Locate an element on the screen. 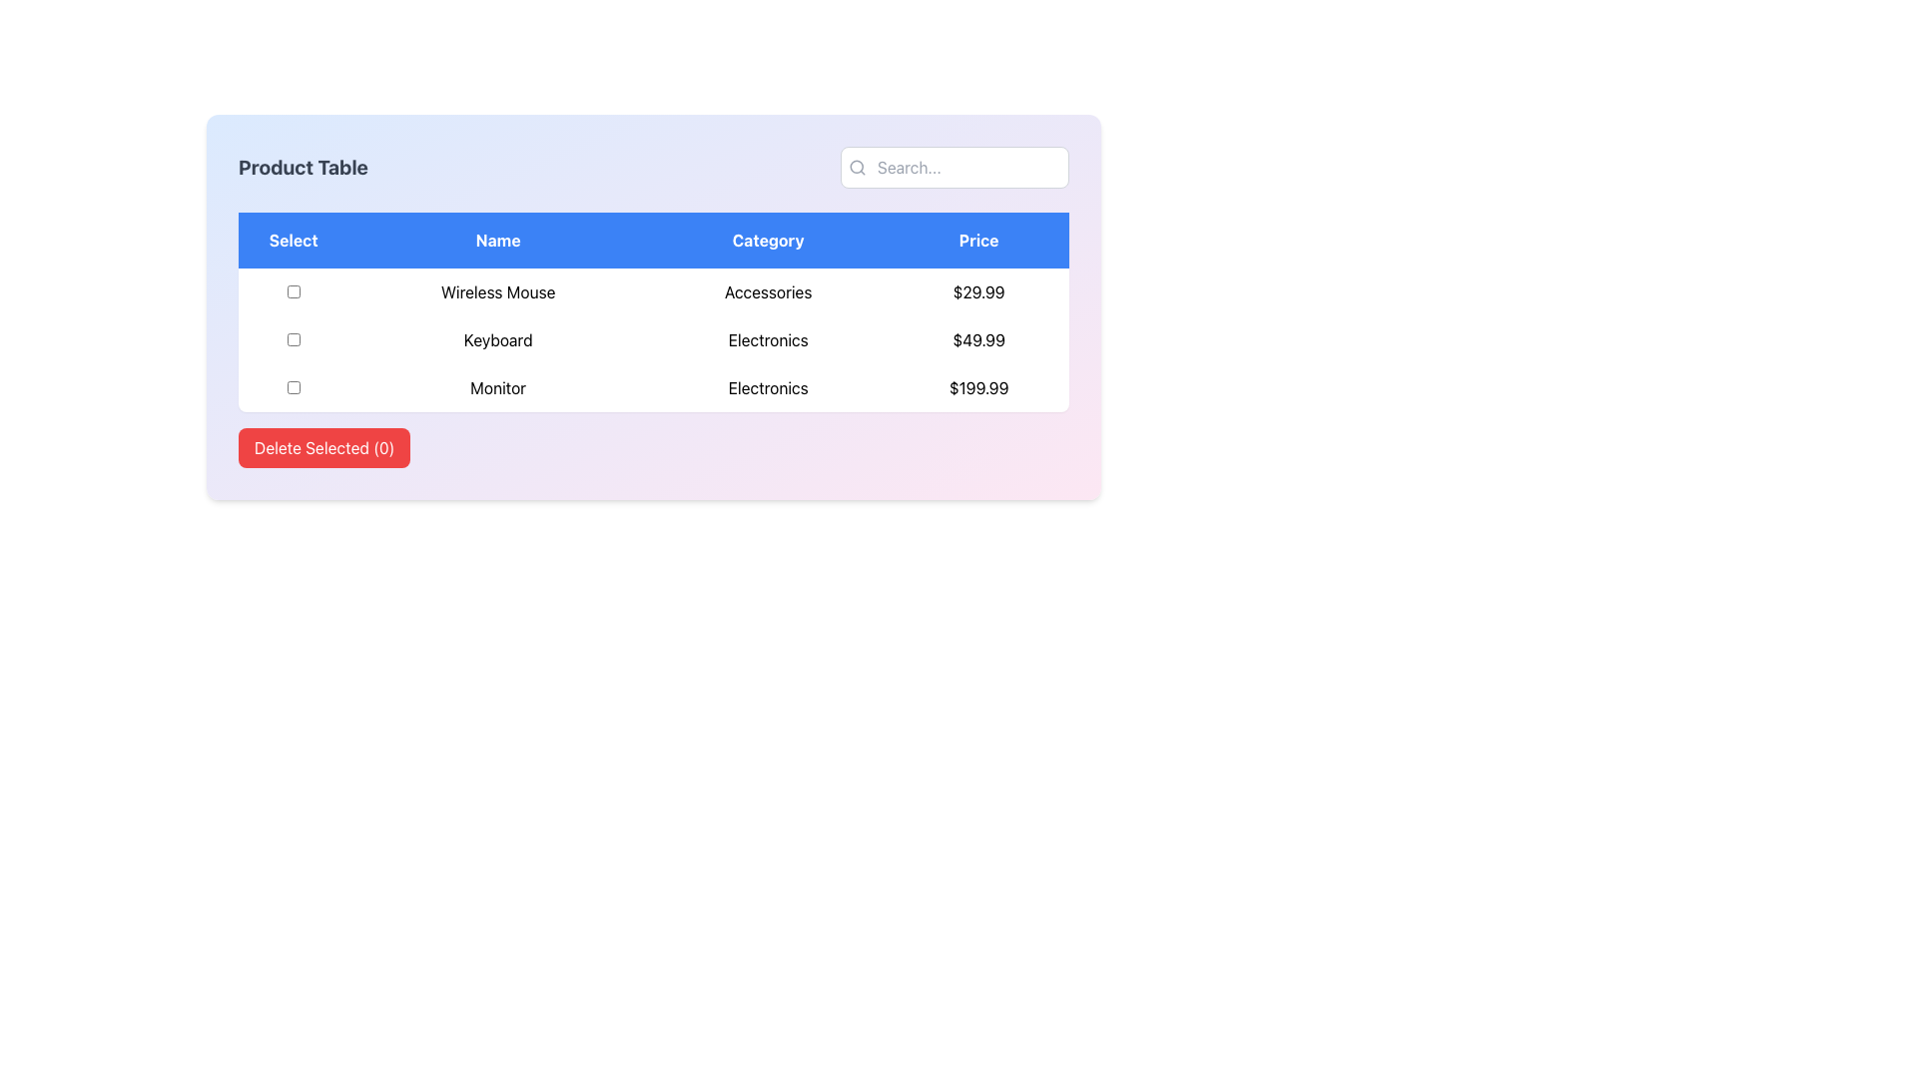 Image resolution: width=1917 pixels, height=1078 pixels. the checkbox in the 'Select' column of the first row to check or uncheck the 'Wireless Mouse' option is located at coordinates (293, 291).